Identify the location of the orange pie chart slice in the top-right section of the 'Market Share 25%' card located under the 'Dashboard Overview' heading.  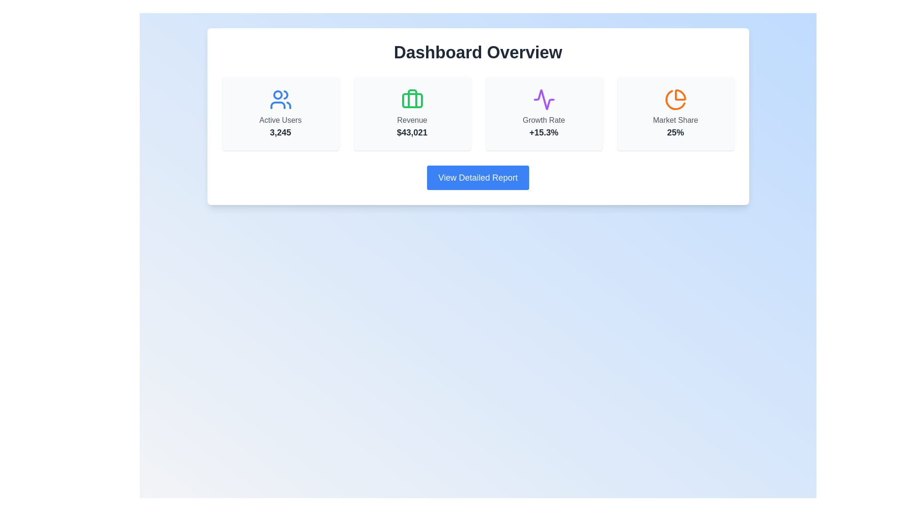
(680, 95).